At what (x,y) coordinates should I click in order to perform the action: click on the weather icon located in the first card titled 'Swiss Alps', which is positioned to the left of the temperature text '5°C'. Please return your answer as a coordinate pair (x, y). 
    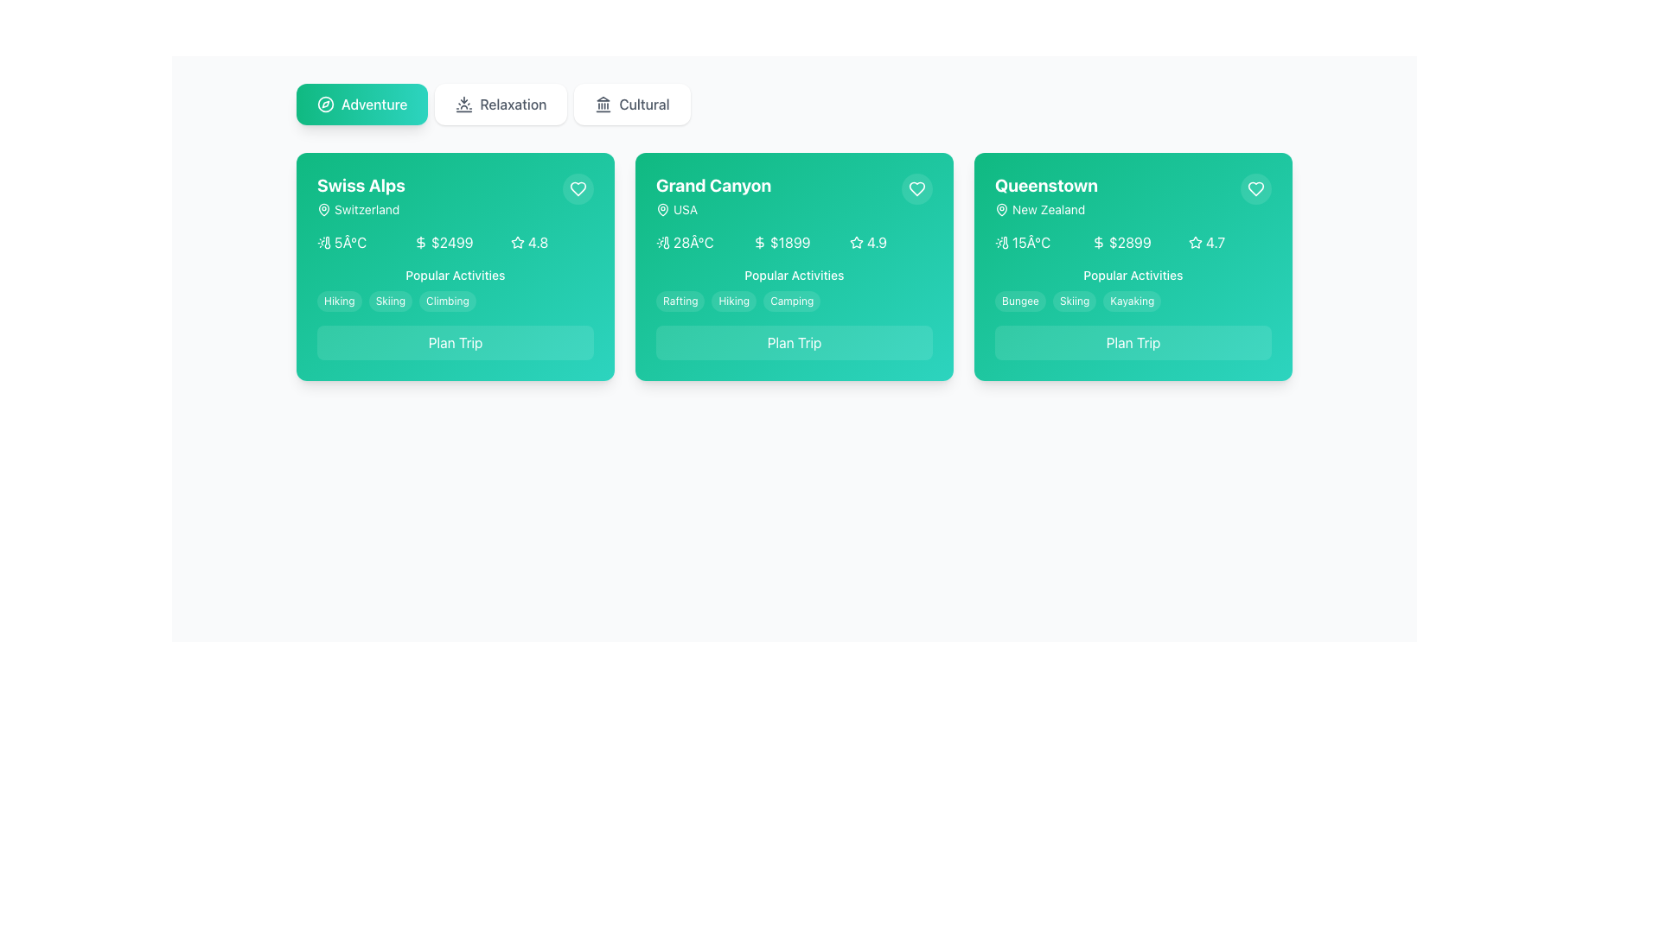
    Looking at the image, I should click on (323, 243).